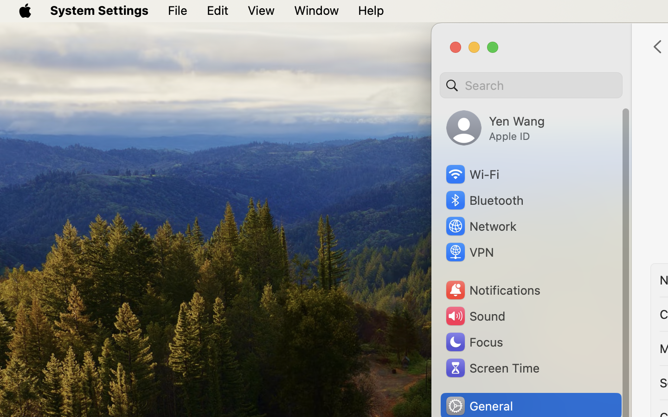  Describe the element at coordinates (480, 225) in the screenshot. I see `'Network'` at that location.